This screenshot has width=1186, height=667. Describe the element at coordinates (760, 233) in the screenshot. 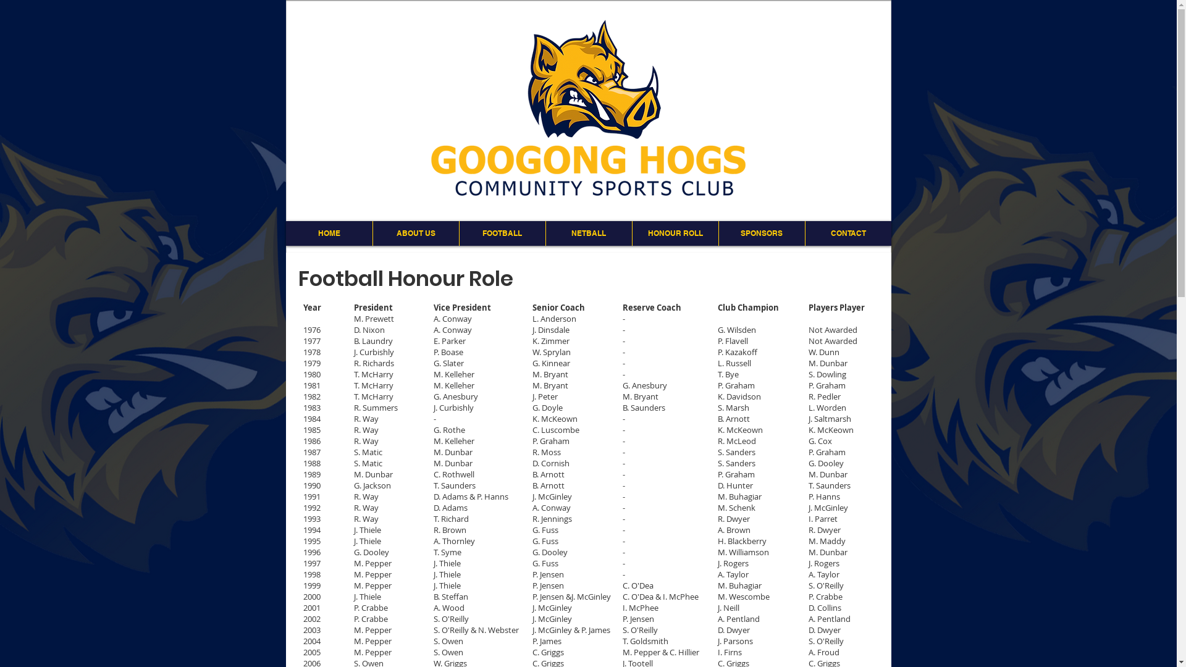

I see `'SPONSORS'` at that location.